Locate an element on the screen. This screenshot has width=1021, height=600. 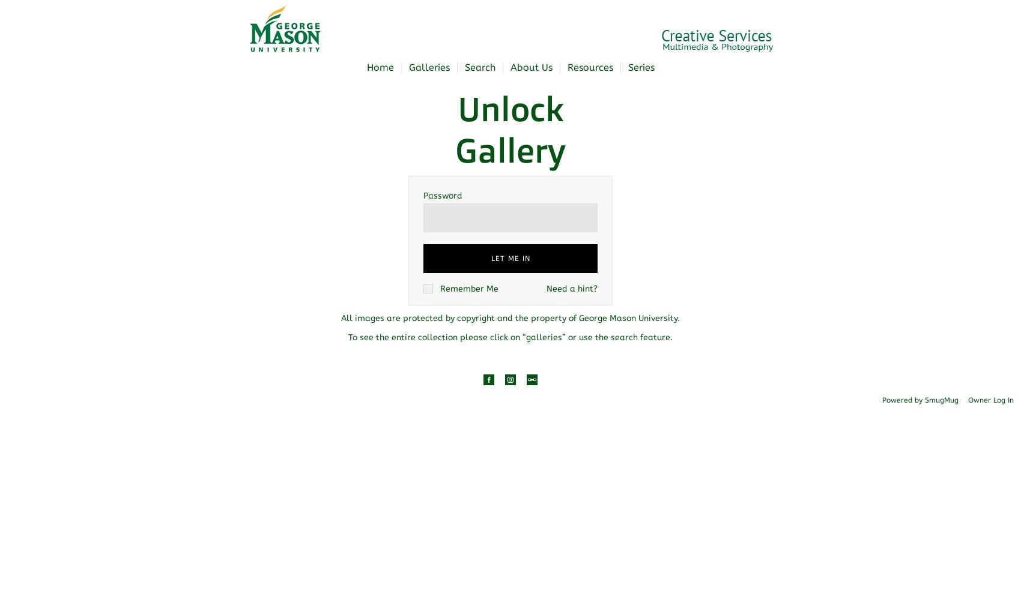
'All images are protected by copyright and the property of George Mason University.' is located at coordinates (510, 317).